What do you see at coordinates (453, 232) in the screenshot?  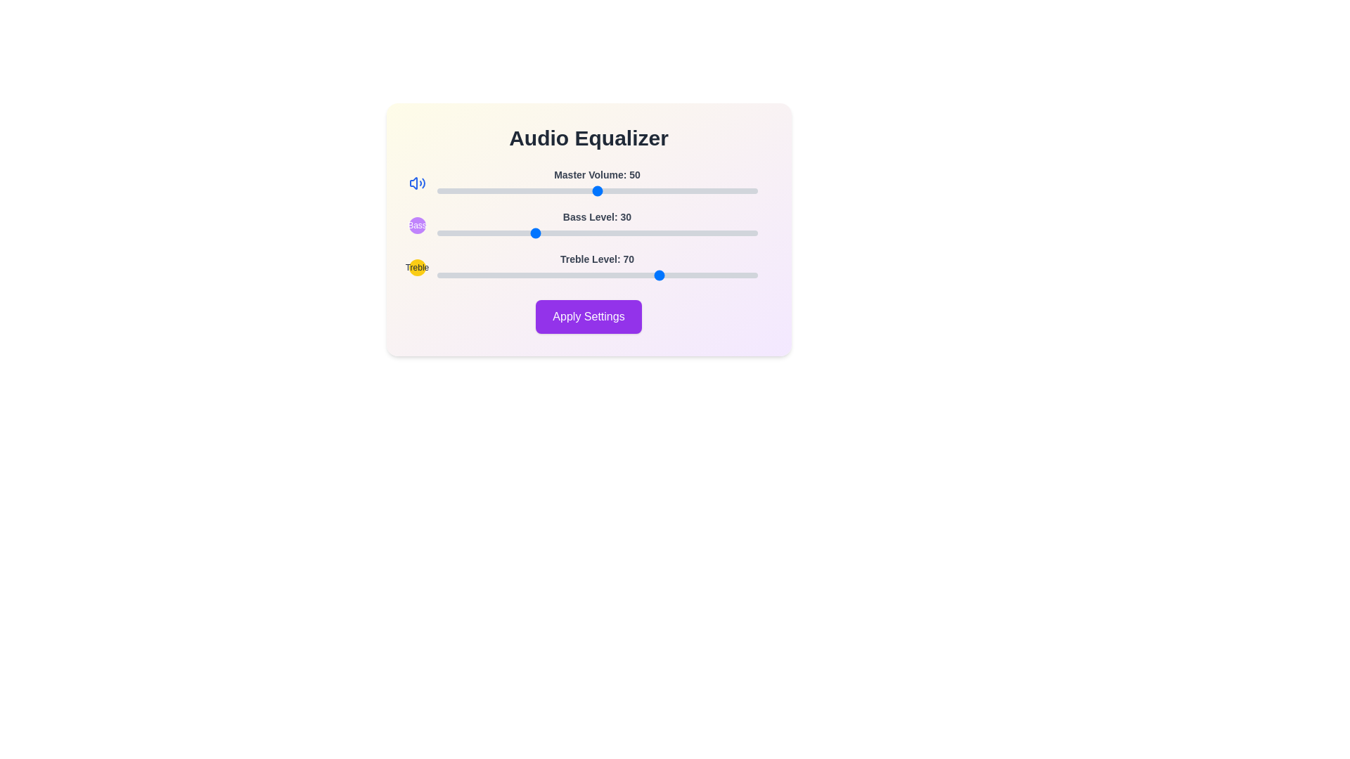 I see `the bass level` at bounding box center [453, 232].